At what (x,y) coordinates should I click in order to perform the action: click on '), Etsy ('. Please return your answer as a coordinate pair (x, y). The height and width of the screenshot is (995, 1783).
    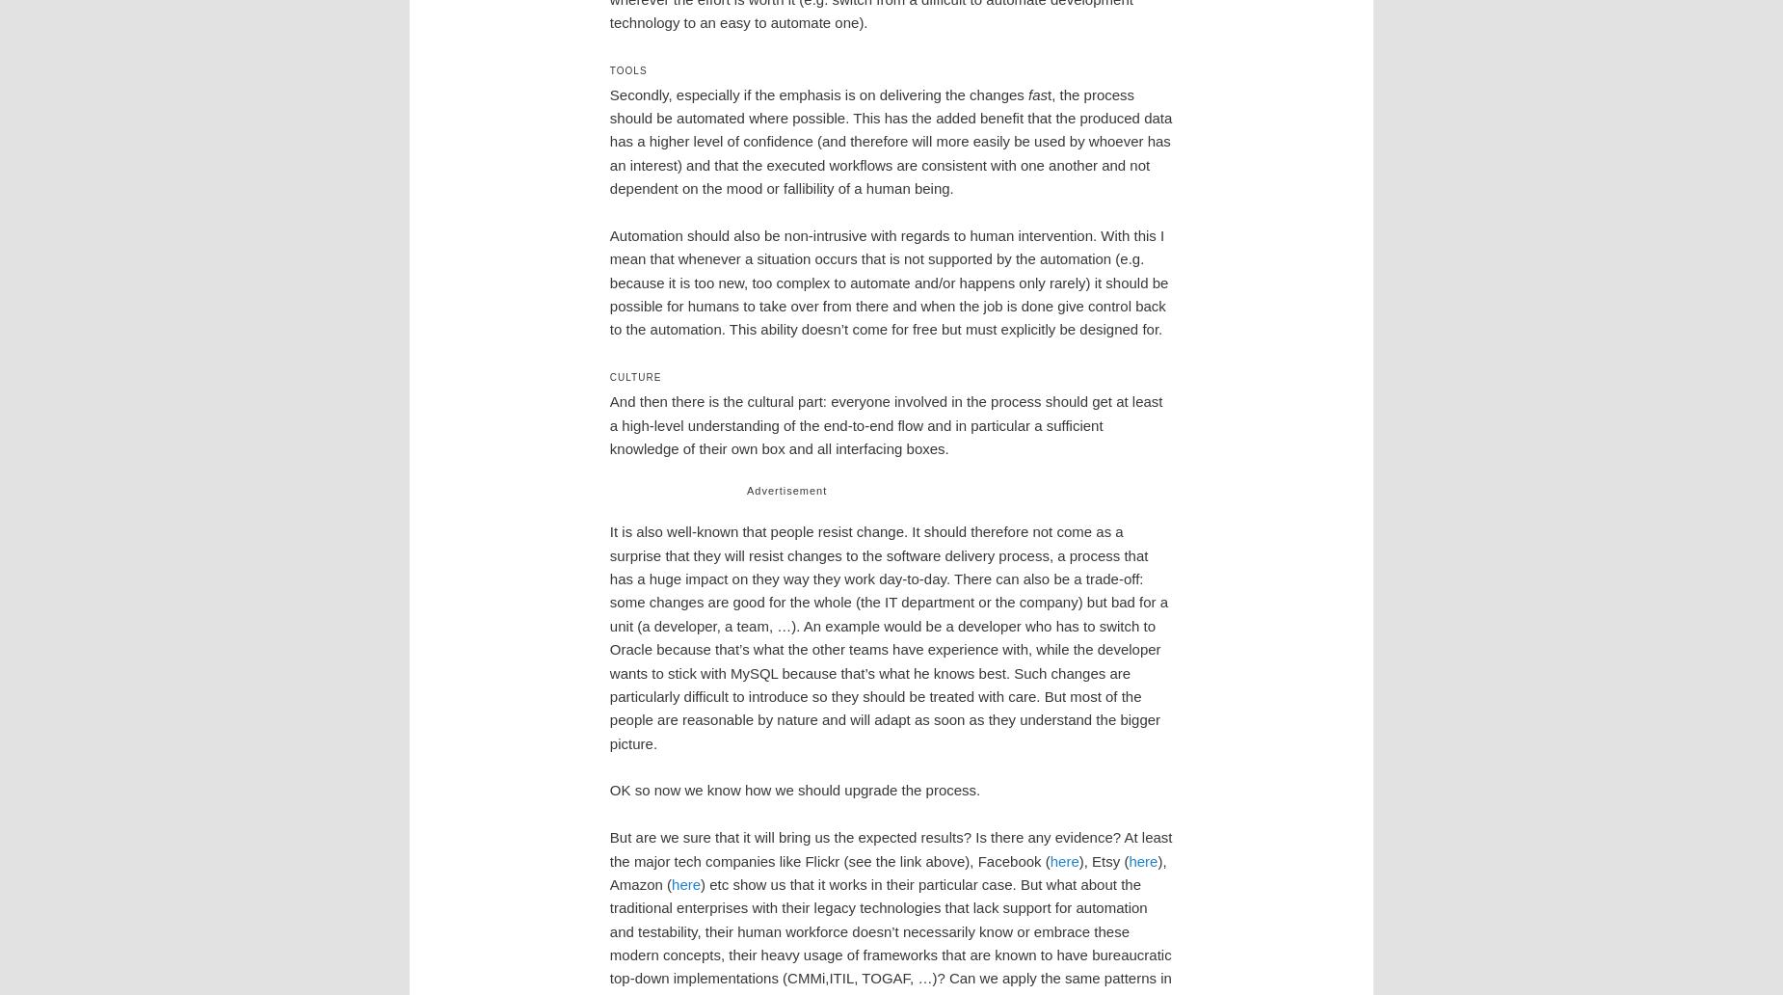
    Looking at the image, I should click on (1102, 860).